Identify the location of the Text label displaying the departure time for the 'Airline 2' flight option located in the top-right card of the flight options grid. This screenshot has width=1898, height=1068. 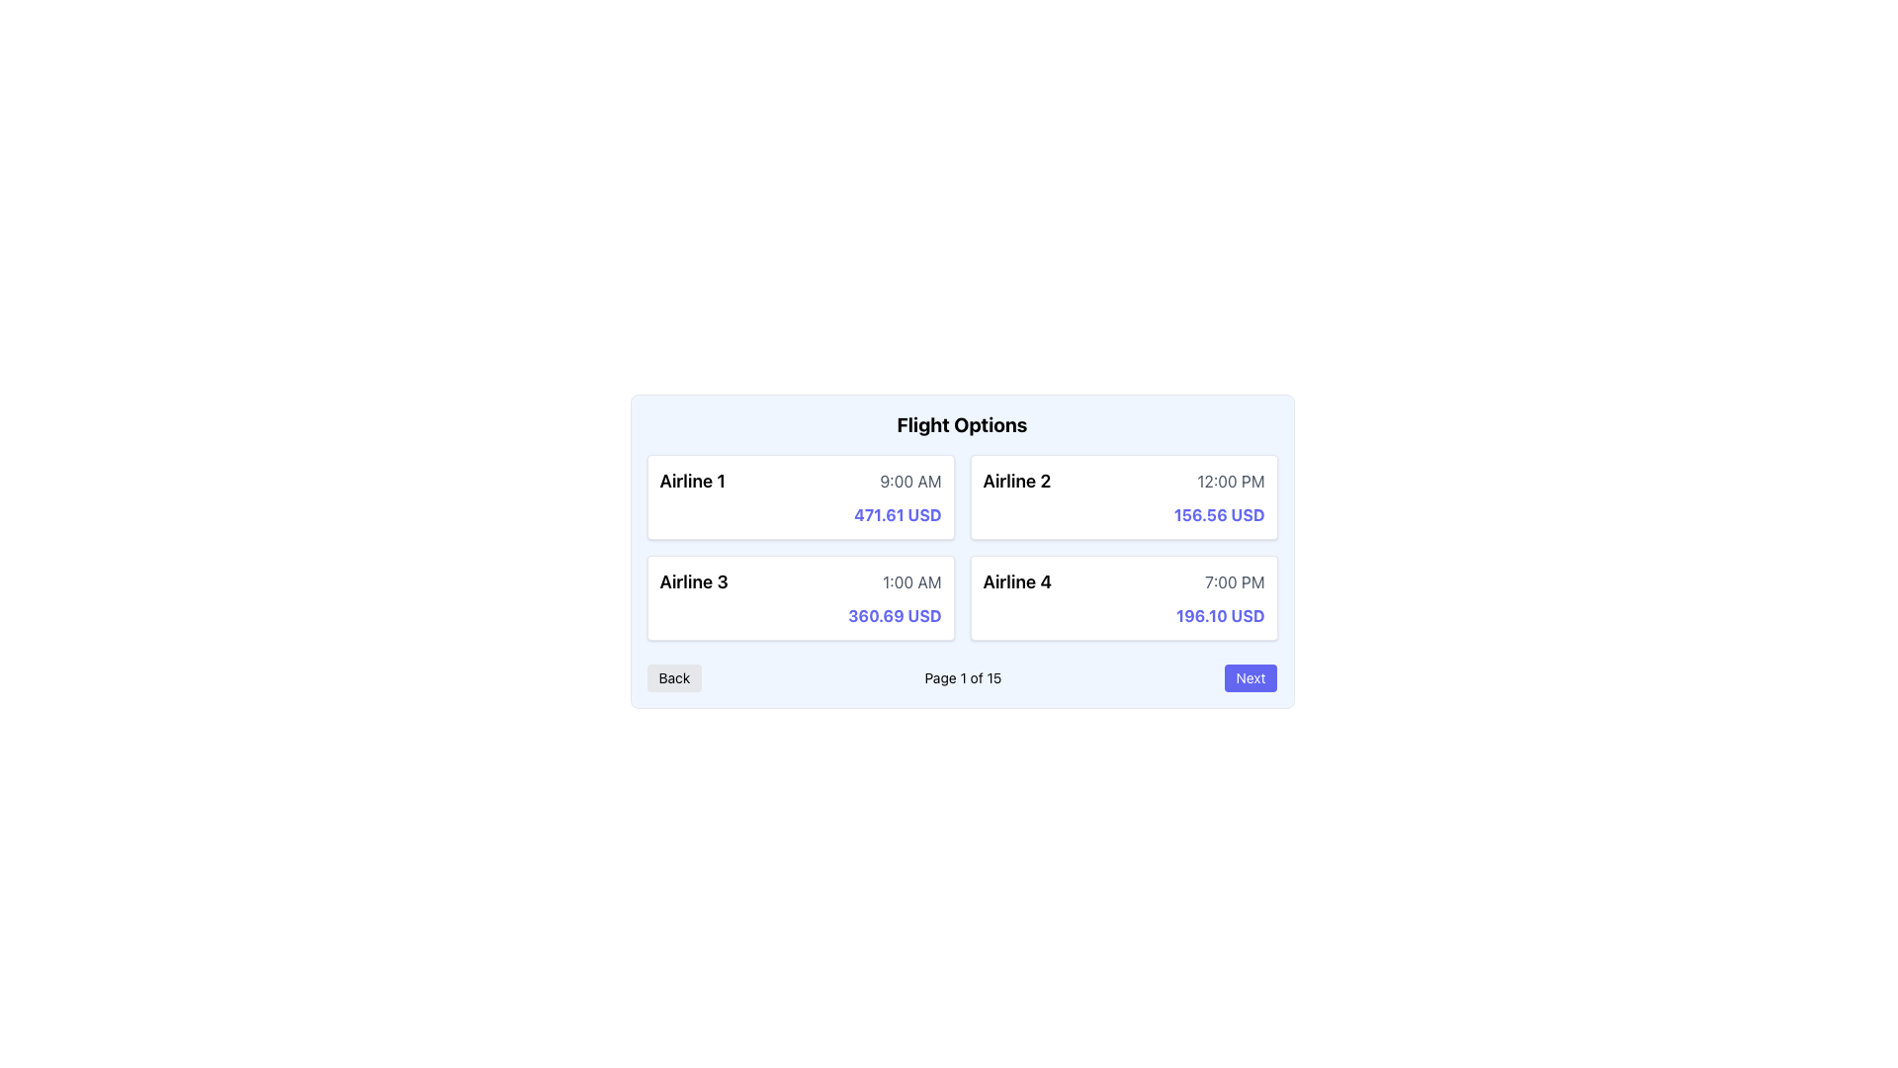
(1230, 481).